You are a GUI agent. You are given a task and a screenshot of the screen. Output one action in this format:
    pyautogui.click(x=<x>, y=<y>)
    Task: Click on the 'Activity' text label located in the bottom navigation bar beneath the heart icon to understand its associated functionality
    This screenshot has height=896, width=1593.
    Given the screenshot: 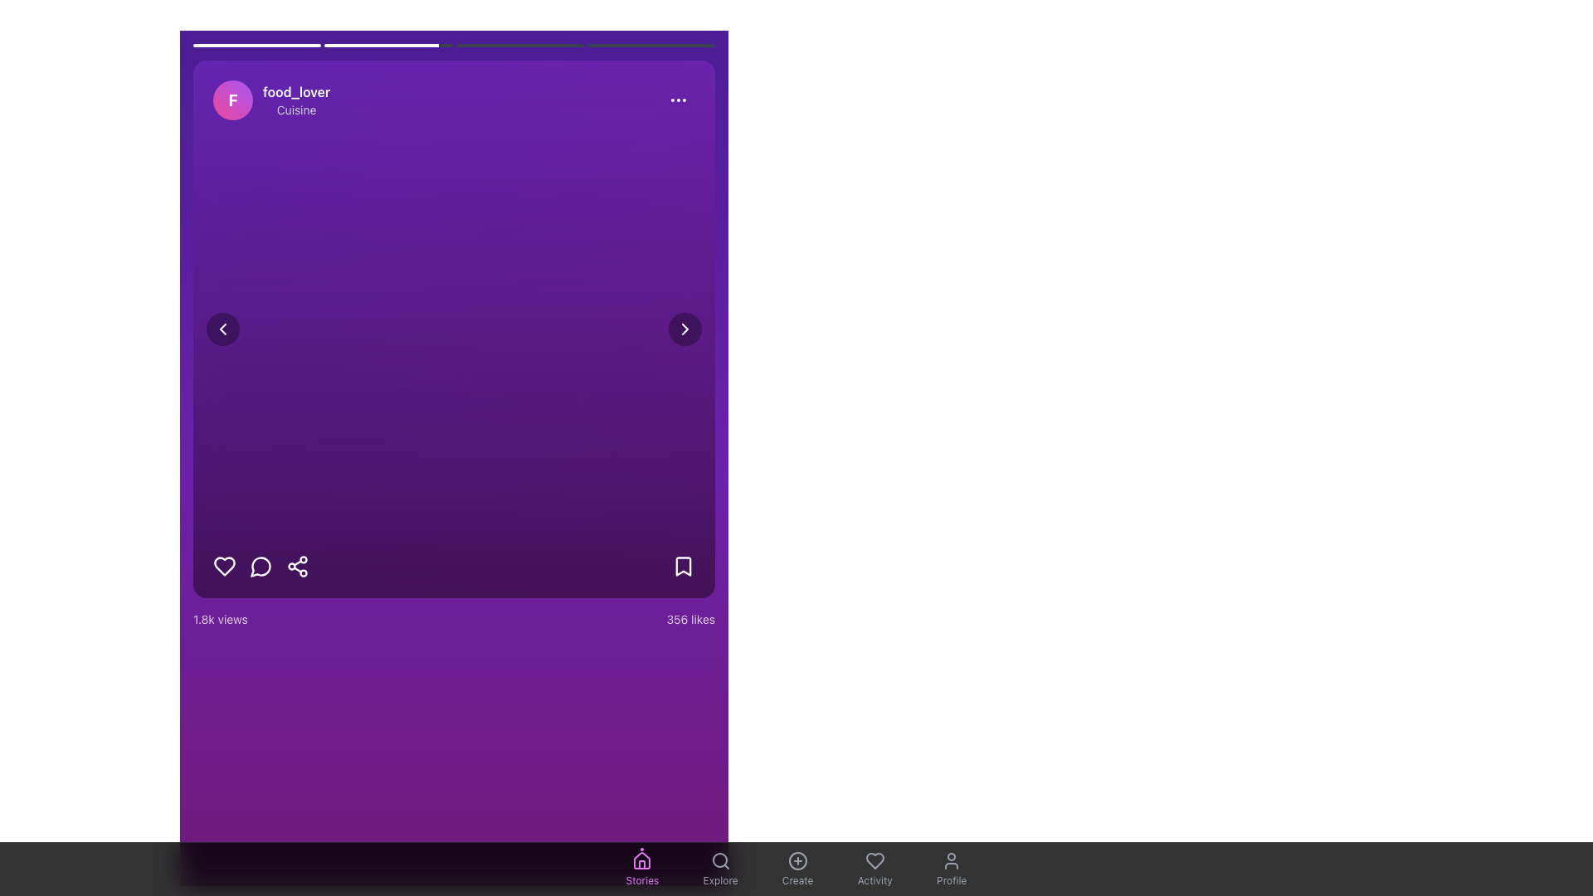 What is the action you would take?
    pyautogui.click(x=874, y=879)
    